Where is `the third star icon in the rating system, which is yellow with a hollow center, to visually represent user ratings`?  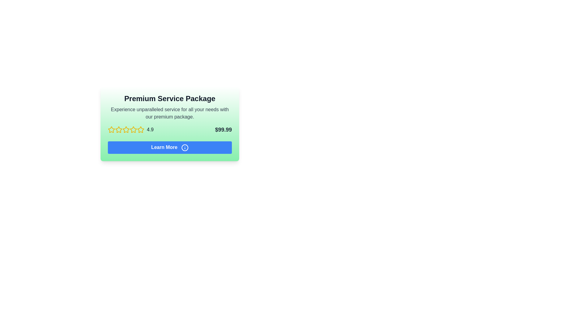
the third star icon in the rating system, which is yellow with a hollow center, to visually represent user ratings is located at coordinates (133, 129).